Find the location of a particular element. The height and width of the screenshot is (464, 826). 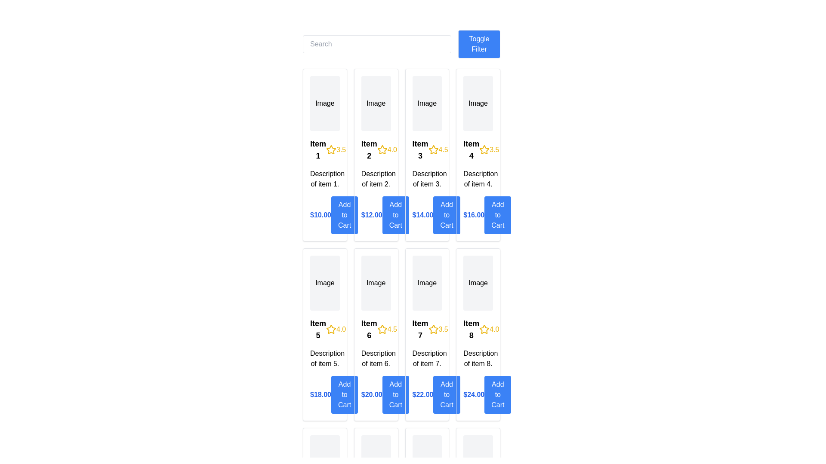

the Text Display element that shows the phrase 'Description of item 6.' within the product card for 'Item 6' is located at coordinates (376, 358).